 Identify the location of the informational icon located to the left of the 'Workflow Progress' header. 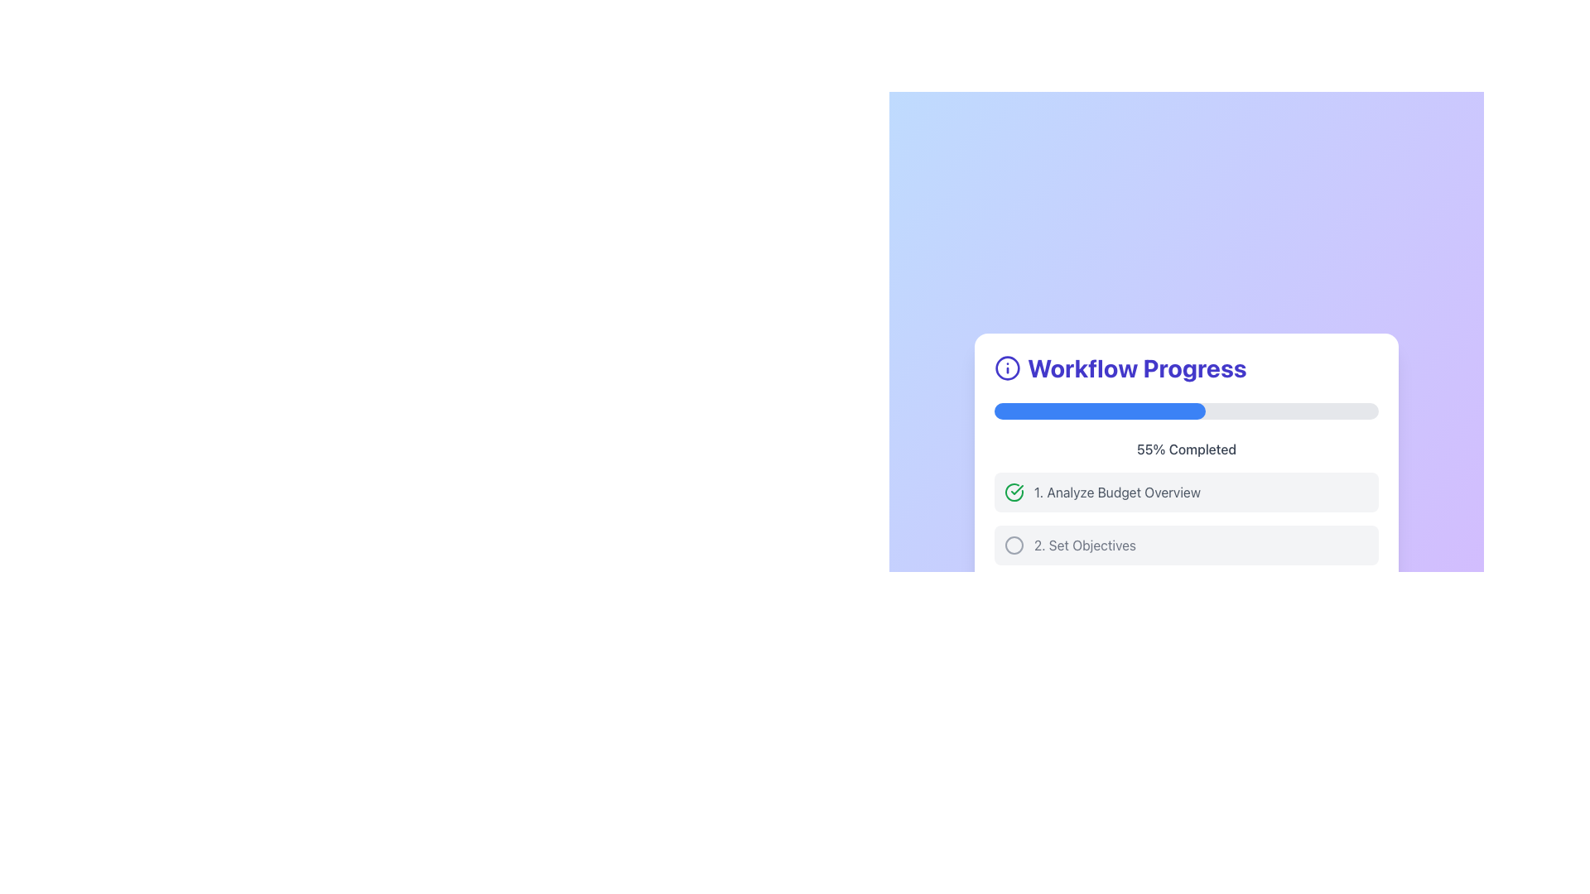
(1007, 367).